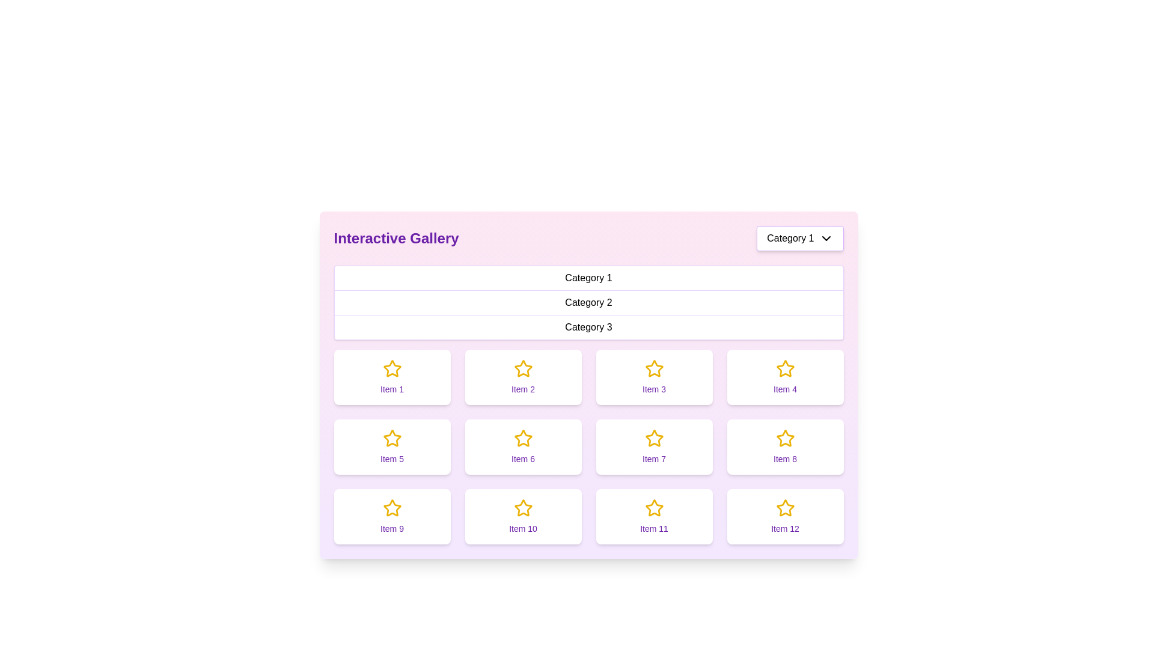 The width and height of the screenshot is (1154, 649). What do you see at coordinates (523, 368) in the screenshot?
I see `the decorative star icon located within the 'Item 2' card, which is centered above the text label` at bounding box center [523, 368].